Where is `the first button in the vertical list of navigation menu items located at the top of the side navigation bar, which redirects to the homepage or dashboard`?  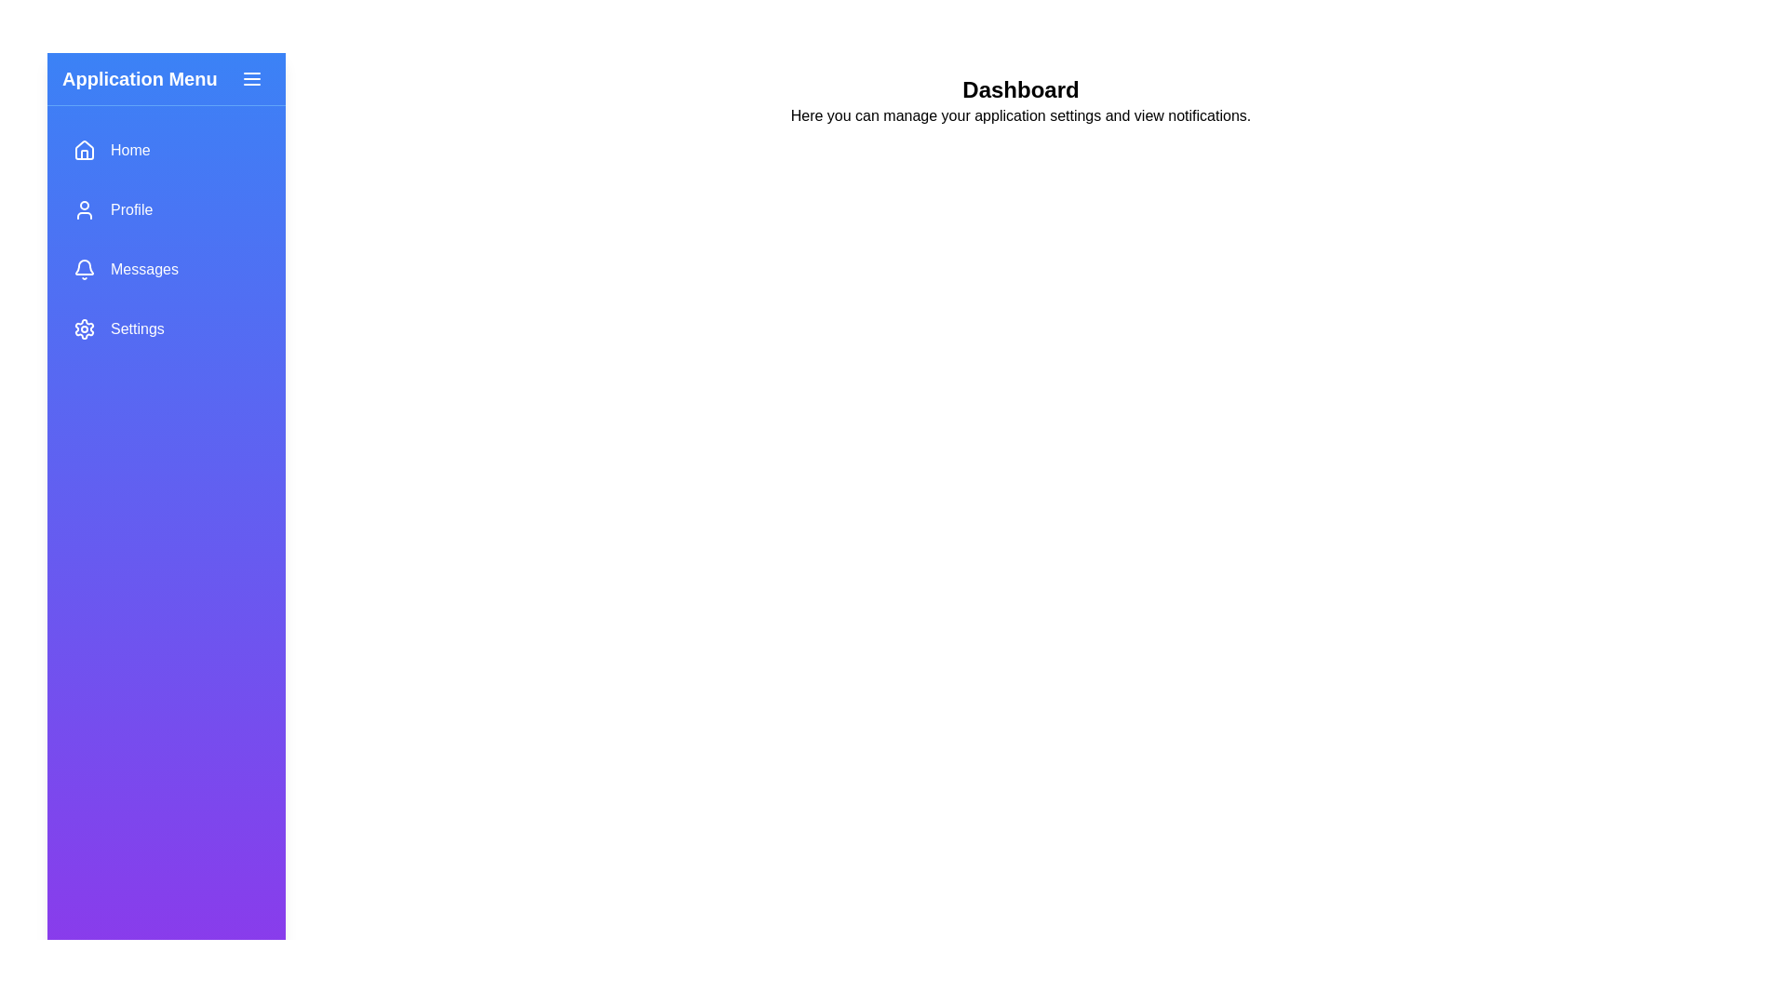 the first button in the vertical list of navigation menu items located at the top of the side navigation bar, which redirects to the homepage or dashboard is located at coordinates (166, 150).